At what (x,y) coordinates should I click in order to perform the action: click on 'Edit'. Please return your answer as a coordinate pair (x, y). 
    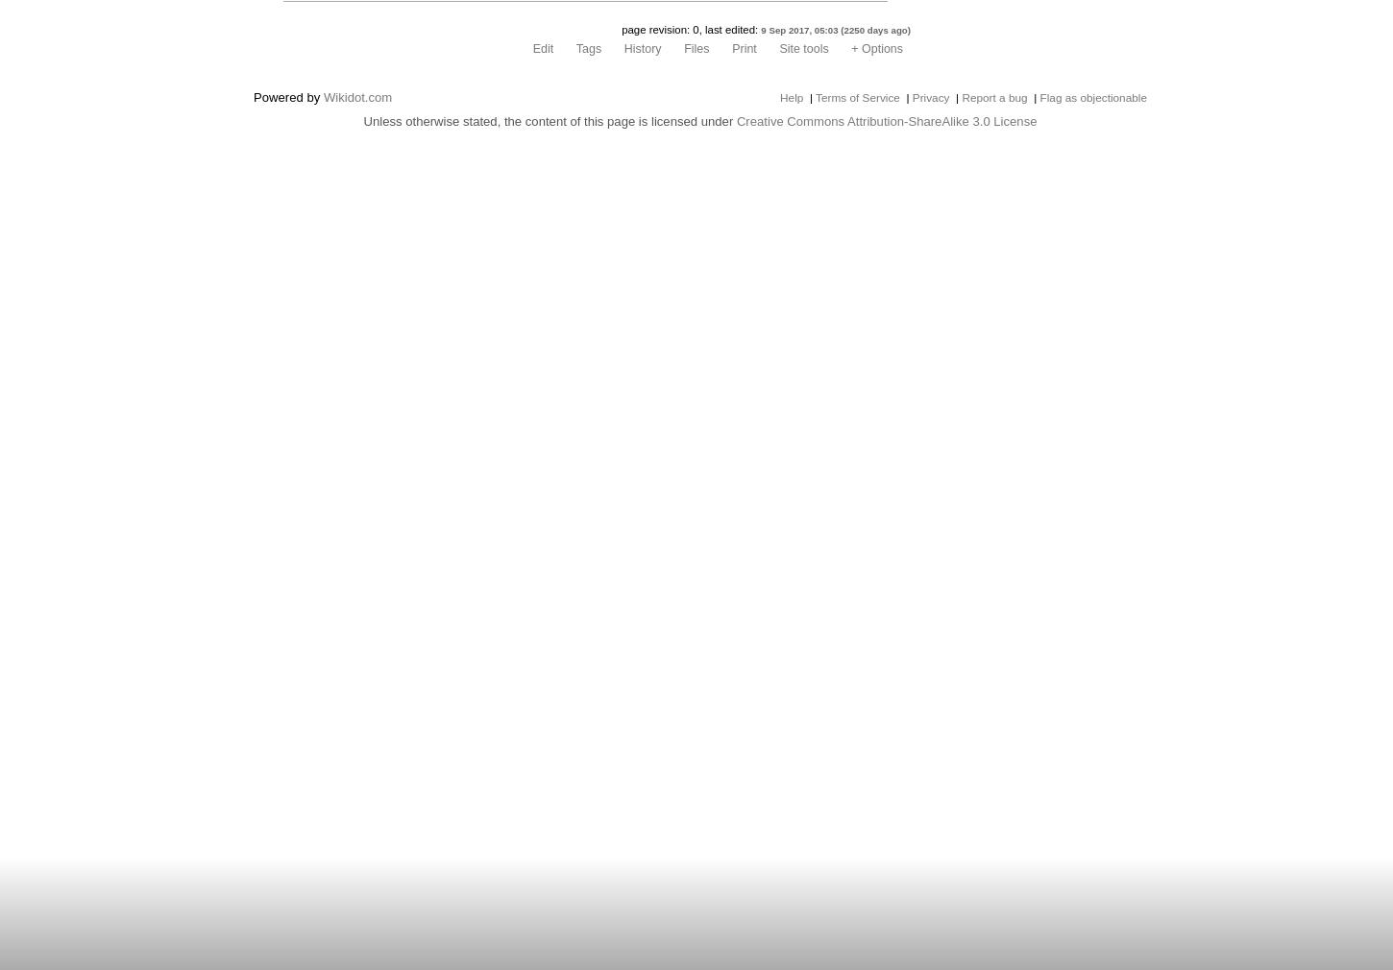
    Looking at the image, I should click on (543, 48).